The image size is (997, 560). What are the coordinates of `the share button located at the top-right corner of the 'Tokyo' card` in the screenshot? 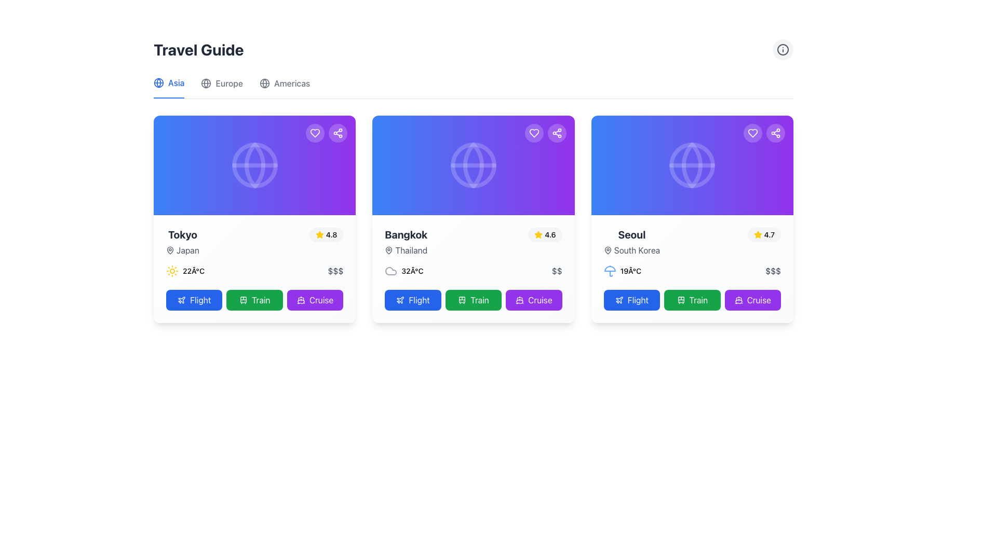 It's located at (338, 133).